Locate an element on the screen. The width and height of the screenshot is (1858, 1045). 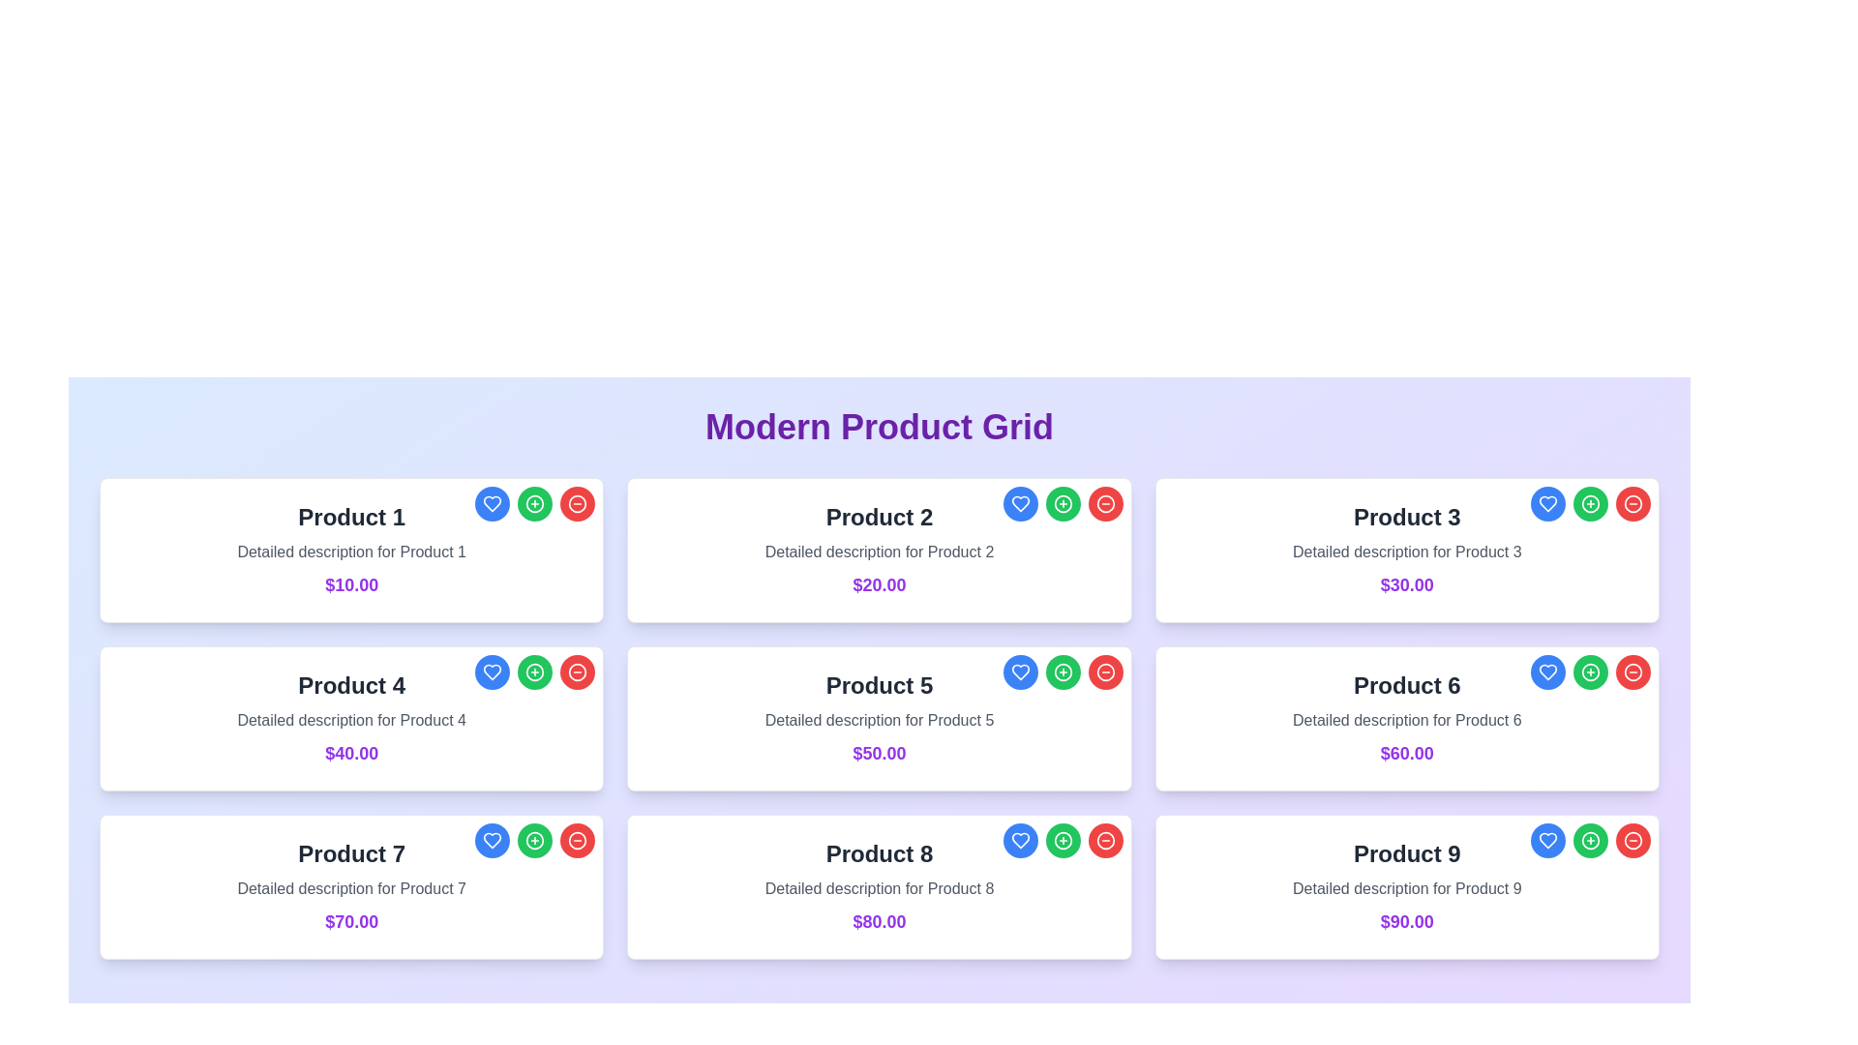
the green circular button with a plus sign, which is the second button in a row of three buttons is located at coordinates (1590, 671).